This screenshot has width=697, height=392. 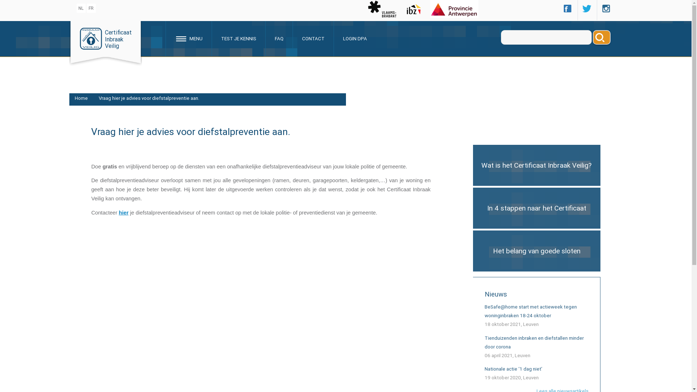 What do you see at coordinates (534, 342) in the screenshot?
I see `'Tienduizenden inbraken en diefstallen minder door corona'` at bounding box center [534, 342].